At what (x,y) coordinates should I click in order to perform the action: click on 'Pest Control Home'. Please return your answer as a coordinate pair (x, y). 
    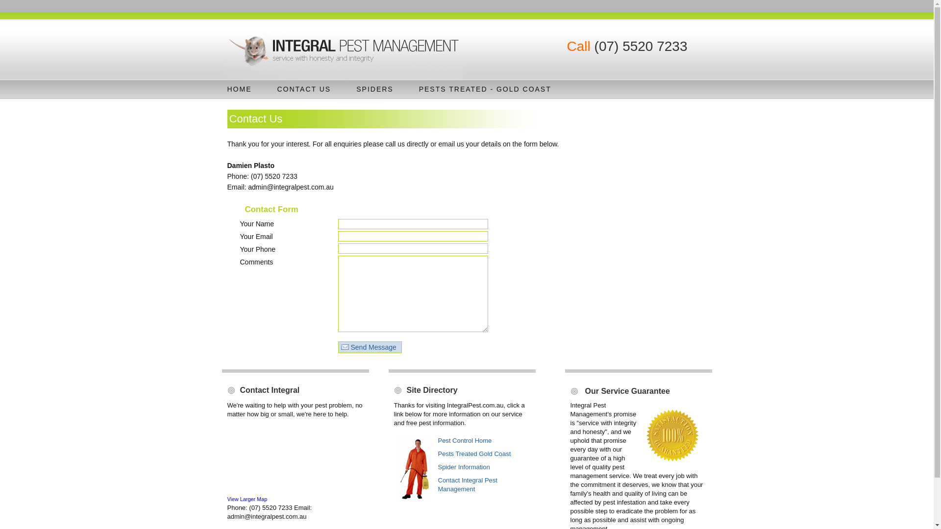
    Looking at the image, I should click on (437, 440).